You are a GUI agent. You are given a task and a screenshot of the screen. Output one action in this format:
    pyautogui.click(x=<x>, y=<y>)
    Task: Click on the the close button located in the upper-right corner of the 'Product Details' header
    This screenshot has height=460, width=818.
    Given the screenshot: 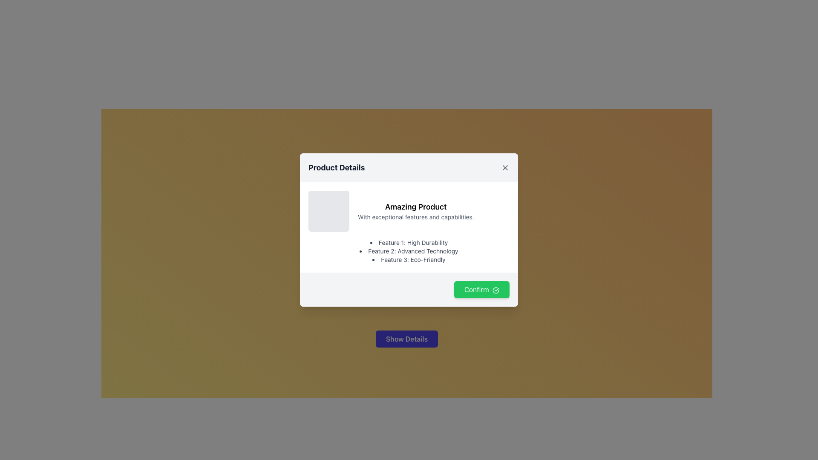 What is the action you would take?
    pyautogui.click(x=505, y=167)
    